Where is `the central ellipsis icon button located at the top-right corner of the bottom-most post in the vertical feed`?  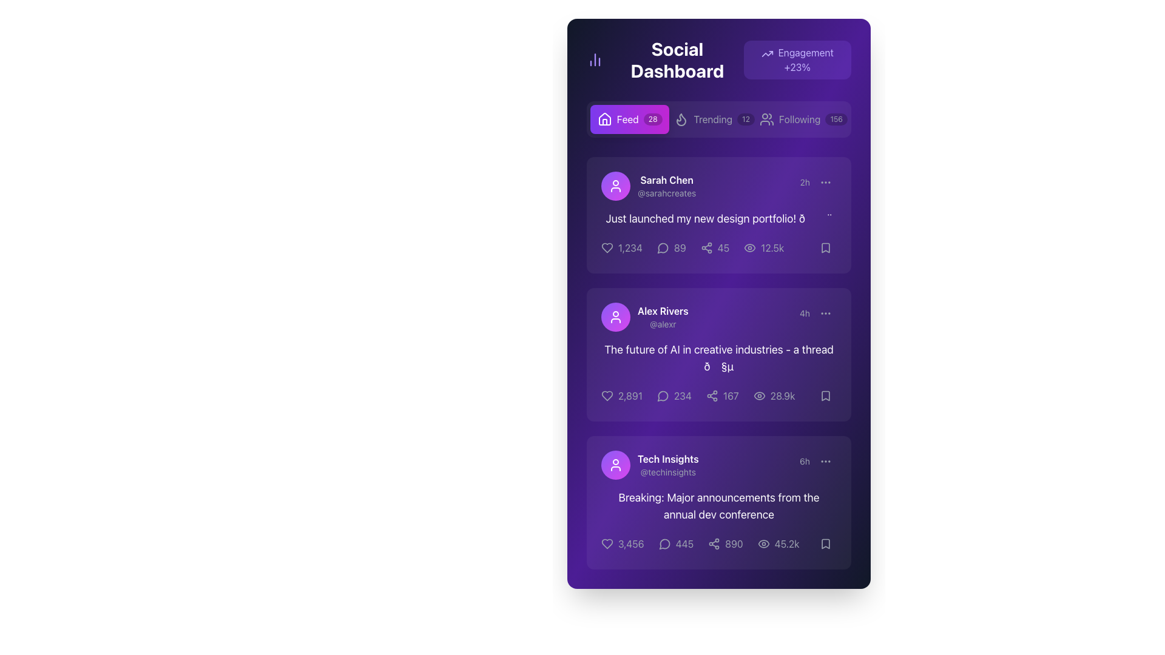
the central ellipsis icon button located at the top-right corner of the bottom-most post in the vertical feed is located at coordinates (825, 461).